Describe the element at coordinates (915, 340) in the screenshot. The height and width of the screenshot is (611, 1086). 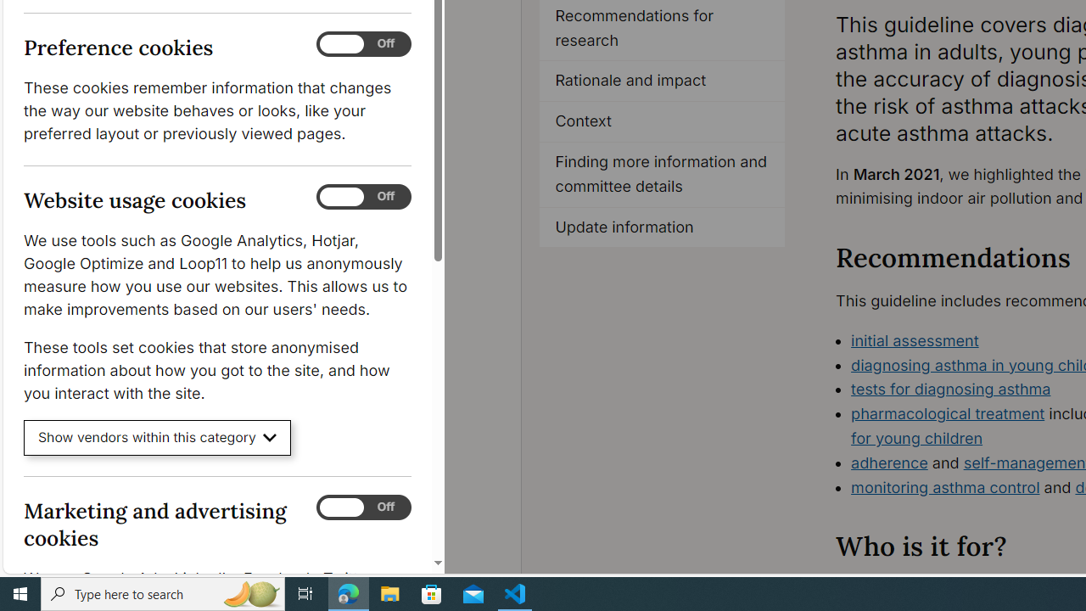
I see `'initial assessment'` at that location.